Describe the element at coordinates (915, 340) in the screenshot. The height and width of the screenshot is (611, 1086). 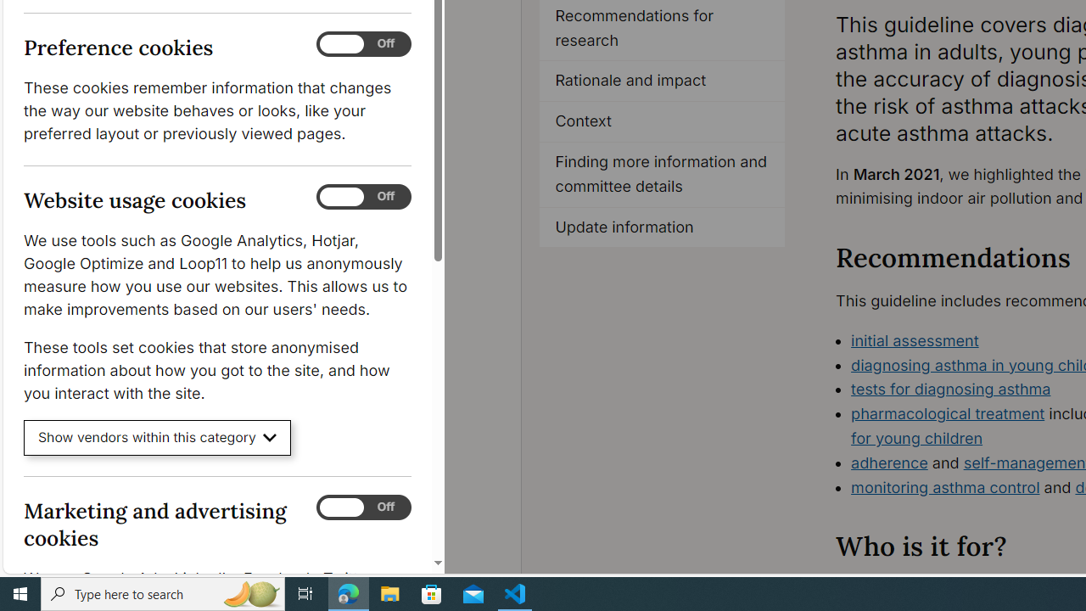
I see `'initial assessment'` at that location.